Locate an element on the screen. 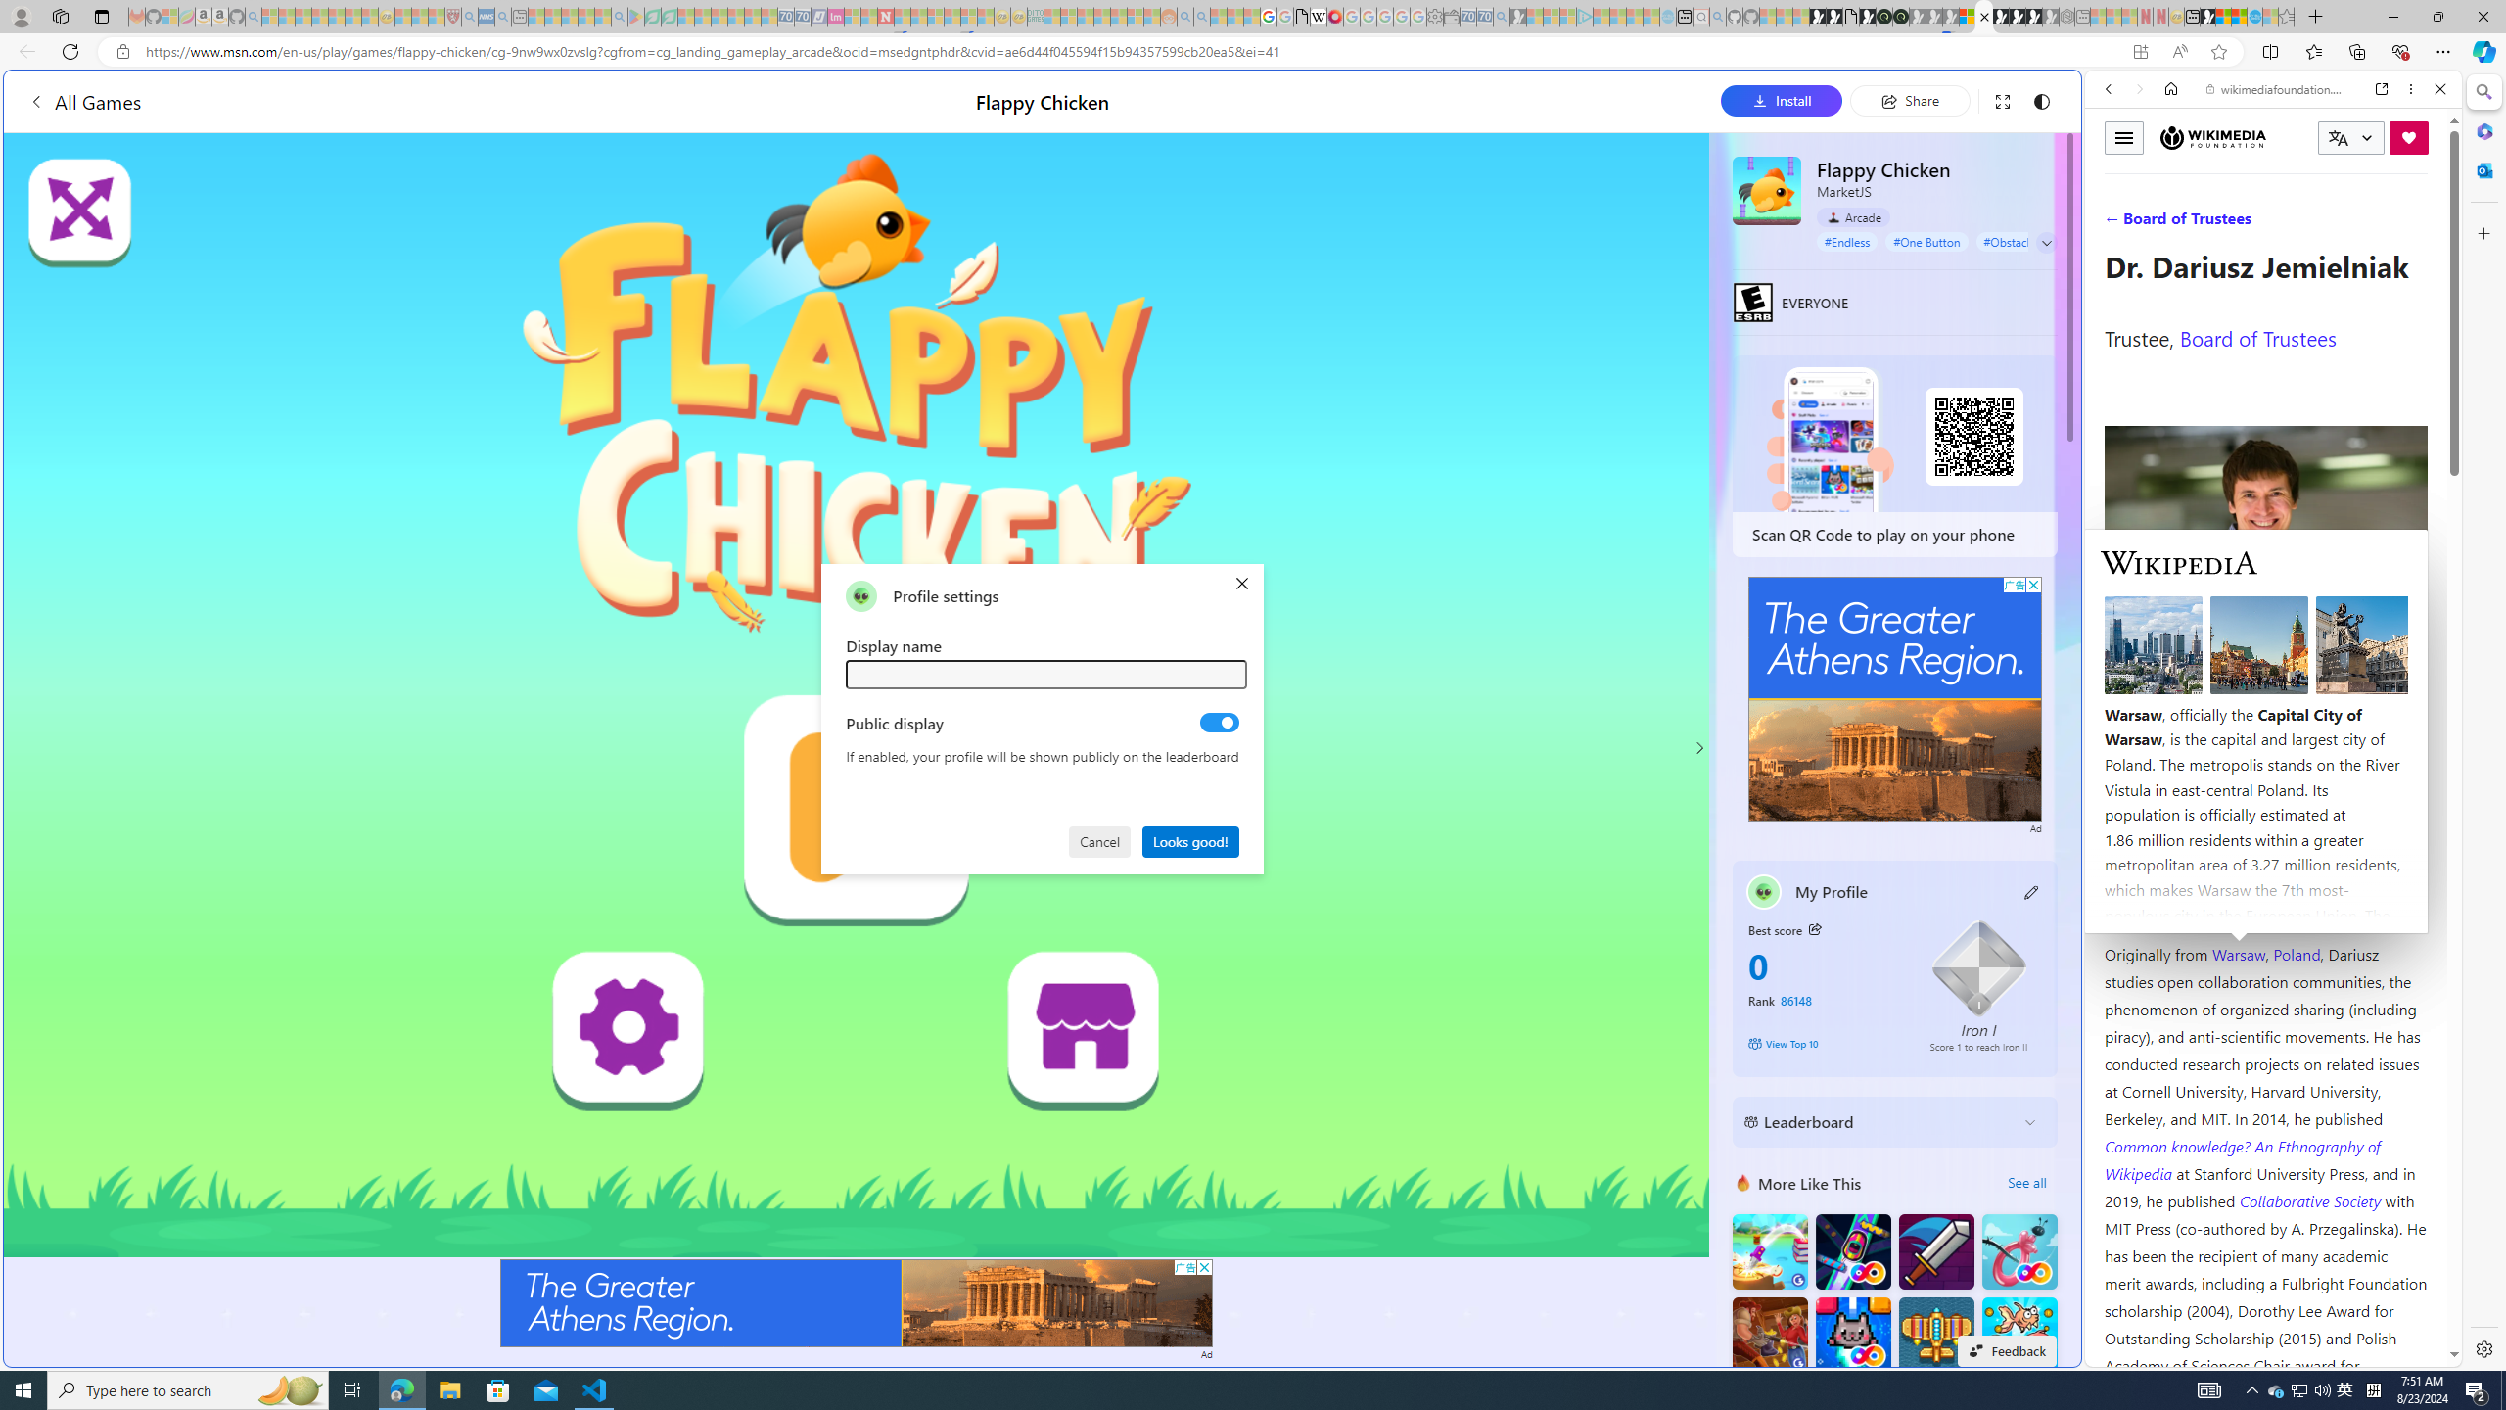  'Knife Flip' is located at coordinates (1769, 1251).